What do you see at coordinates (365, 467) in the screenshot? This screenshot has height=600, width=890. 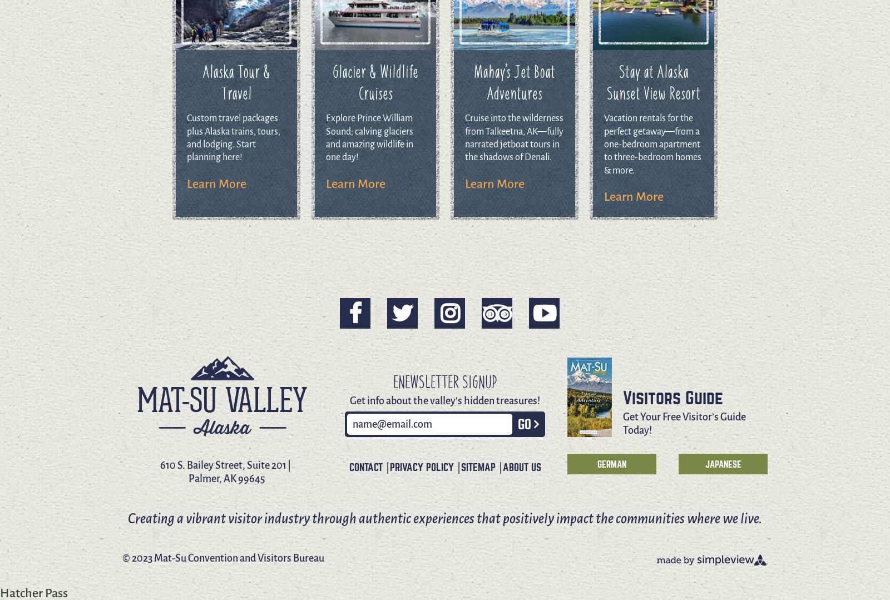 I see `'Contact'` at bounding box center [365, 467].